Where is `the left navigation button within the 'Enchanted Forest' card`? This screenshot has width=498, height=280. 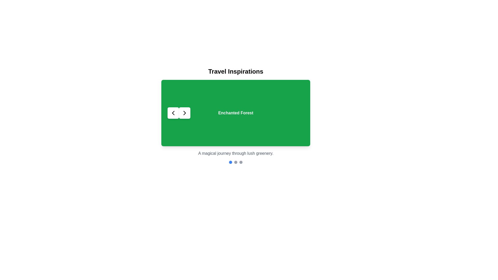
the left navigation button within the 'Enchanted Forest' card is located at coordinates (179, 113).